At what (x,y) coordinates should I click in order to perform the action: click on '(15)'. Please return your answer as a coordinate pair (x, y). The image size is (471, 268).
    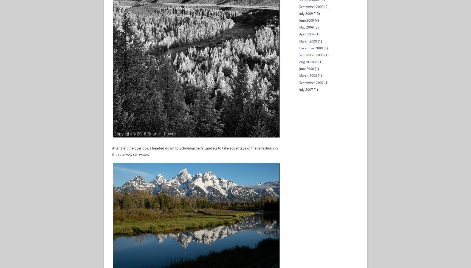
    Looking at the image, I should click on (316, 13).